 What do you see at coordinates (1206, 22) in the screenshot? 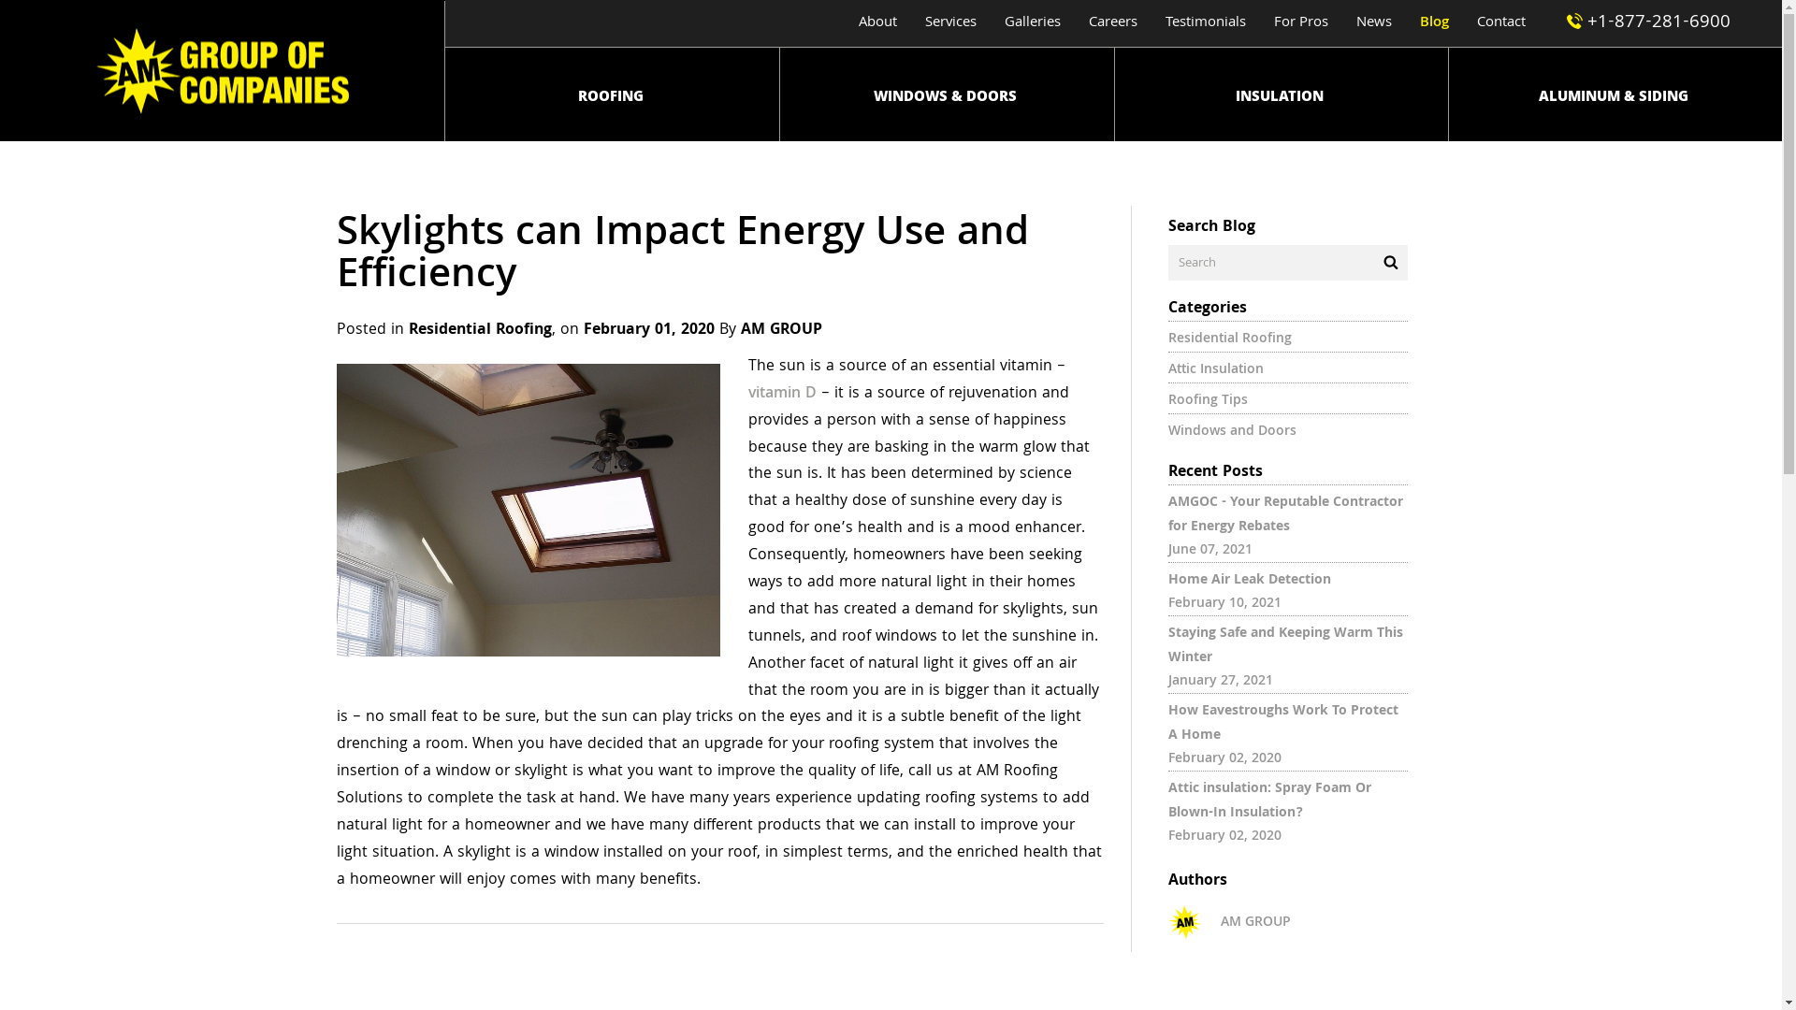
I see `'Testimonials'` at bounding box center [1206, 22].